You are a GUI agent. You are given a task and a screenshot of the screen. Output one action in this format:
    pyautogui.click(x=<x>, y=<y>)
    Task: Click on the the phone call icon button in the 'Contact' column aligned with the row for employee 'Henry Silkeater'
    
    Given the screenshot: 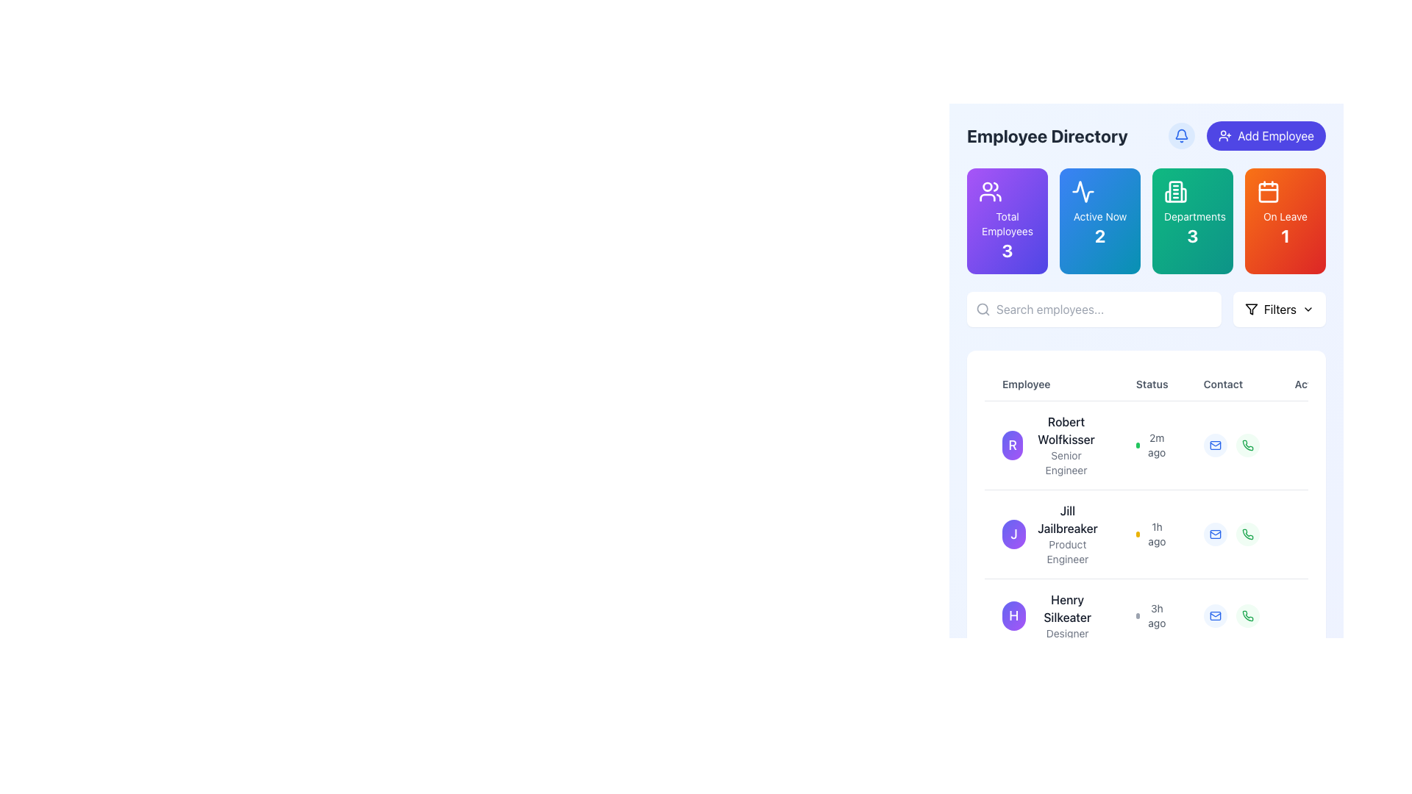 What is the action you would take?
    pyautogui.click(x=1247, y=534)
    